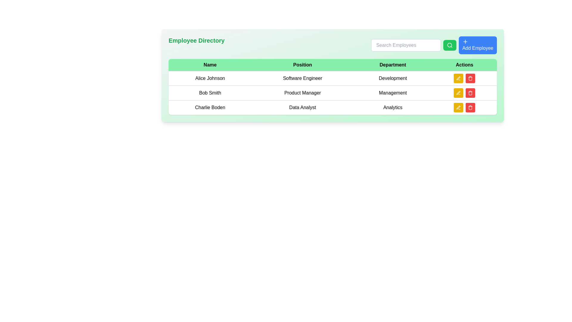  What do you see at coordinates (210, 78) in the screenshot?
I see `the text label displaying 'Alice Johnson' located under the 'Name' column` at bounding box center [210, 78].